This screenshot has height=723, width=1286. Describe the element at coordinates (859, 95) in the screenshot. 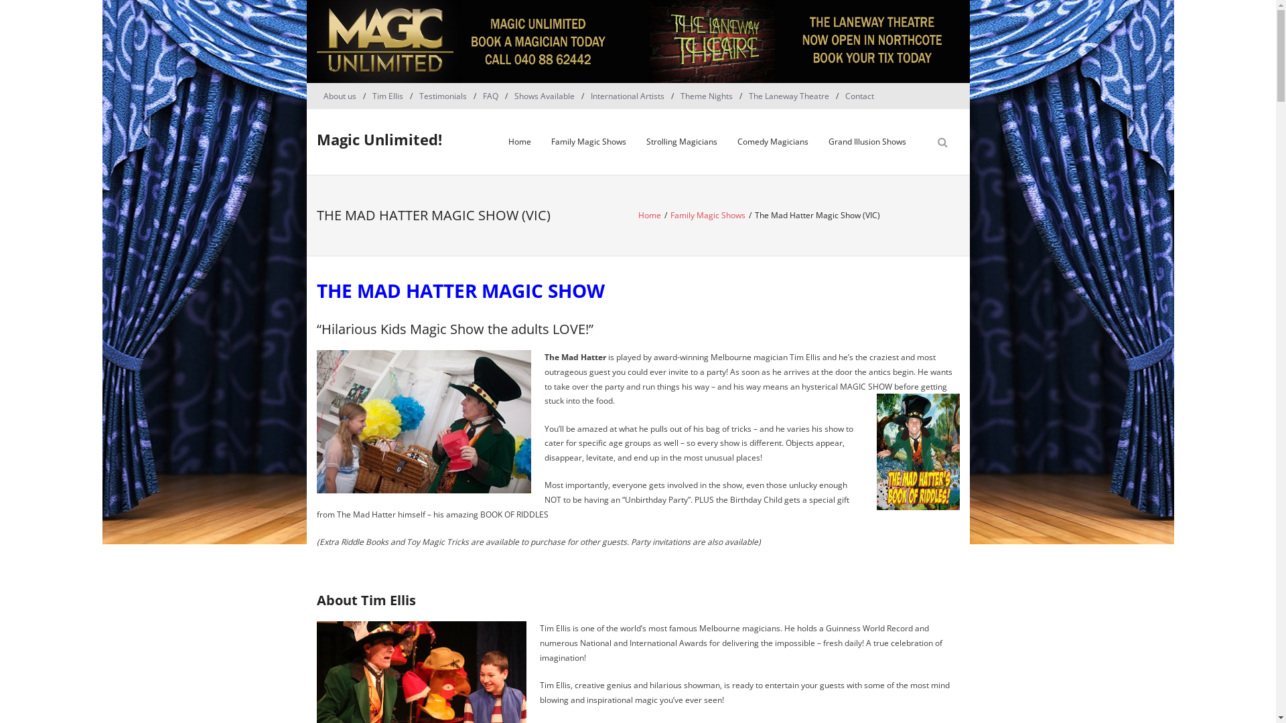

I see `'Contact'` at that location.